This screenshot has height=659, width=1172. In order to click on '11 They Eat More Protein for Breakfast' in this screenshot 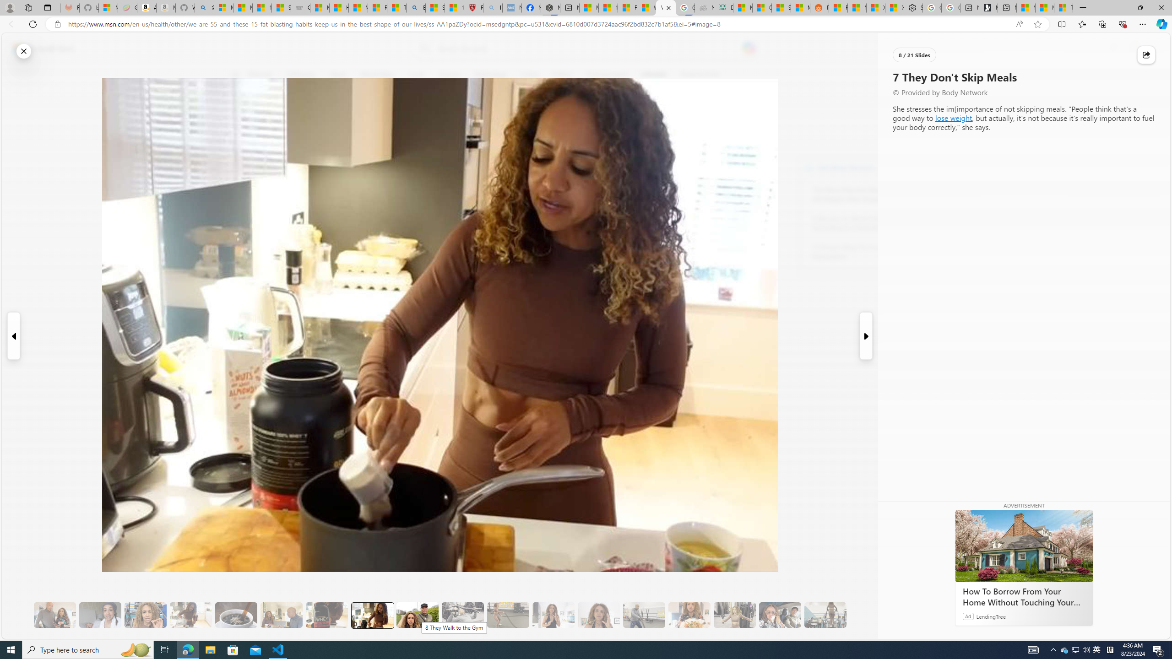, I will do `click(553, 615)`.